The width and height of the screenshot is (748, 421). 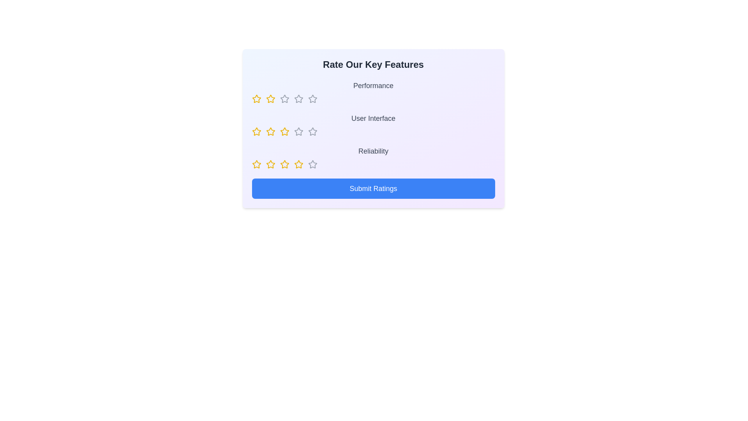 What do you see at coordinates (256, 99) in the screenshot?
I see `the rating for a feature to 1 stars` at bounding box center [256, 99].